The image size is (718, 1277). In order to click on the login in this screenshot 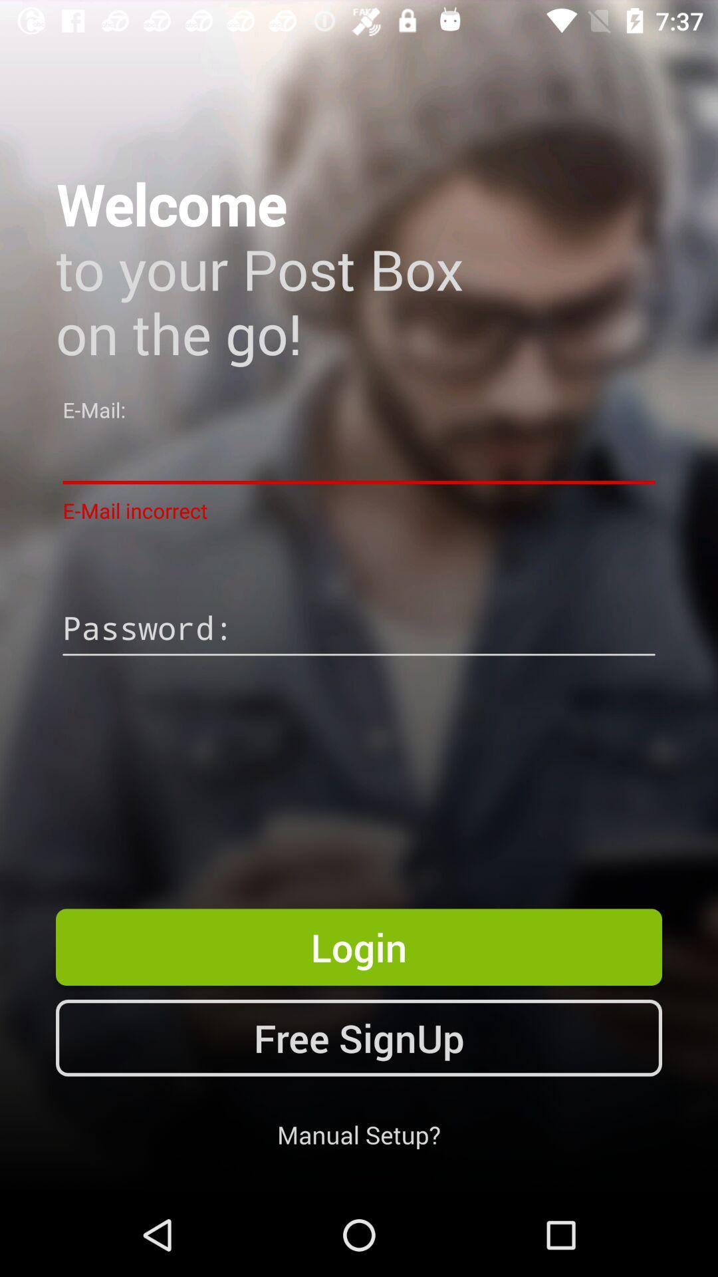, I will do `click(359, 946)`.